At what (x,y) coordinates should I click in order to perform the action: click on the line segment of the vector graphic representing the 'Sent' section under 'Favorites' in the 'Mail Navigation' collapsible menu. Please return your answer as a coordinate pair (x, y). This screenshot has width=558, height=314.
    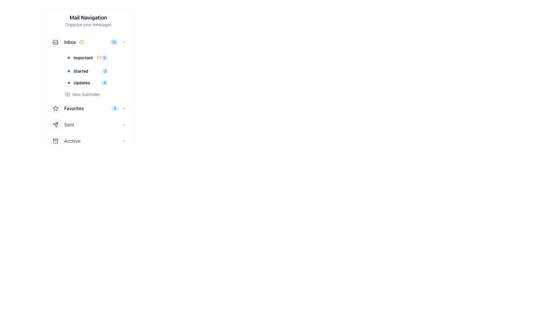
    Looking at the image, I should click on (56, 123).